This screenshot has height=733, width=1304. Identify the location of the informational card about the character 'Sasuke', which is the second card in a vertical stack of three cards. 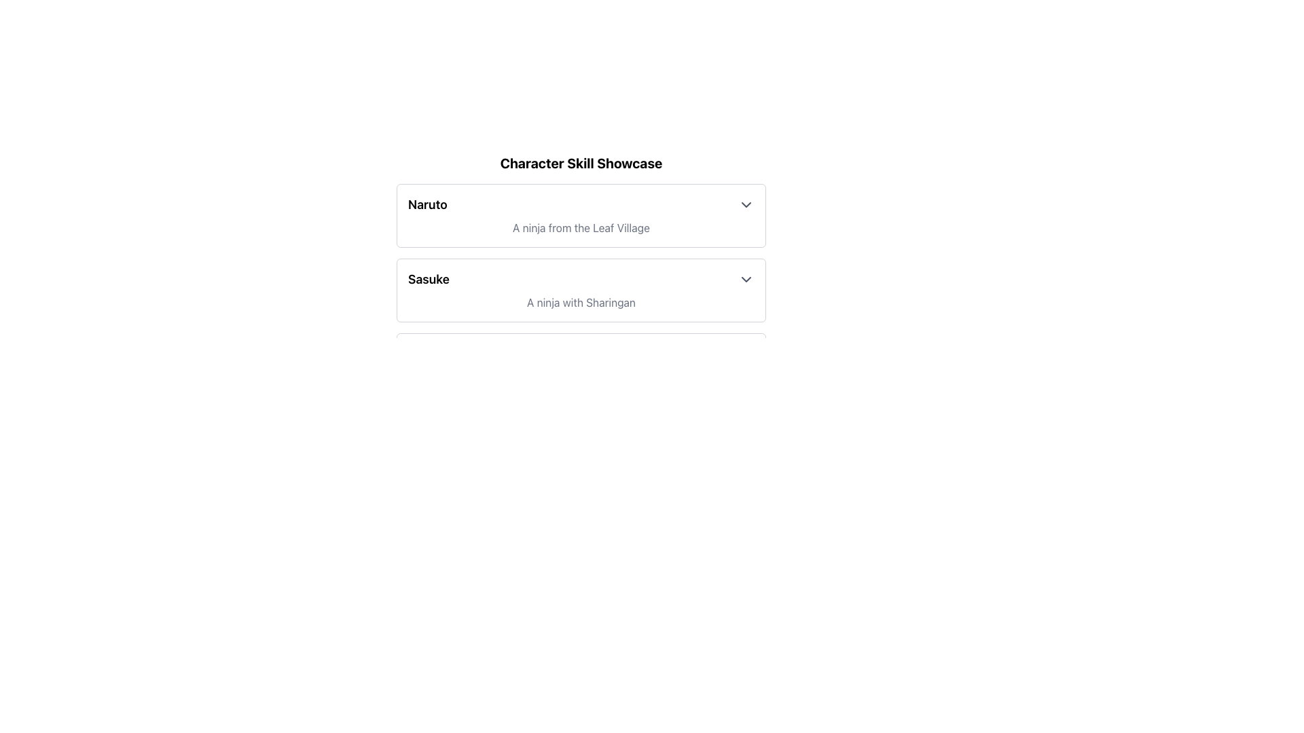
(581, 290).